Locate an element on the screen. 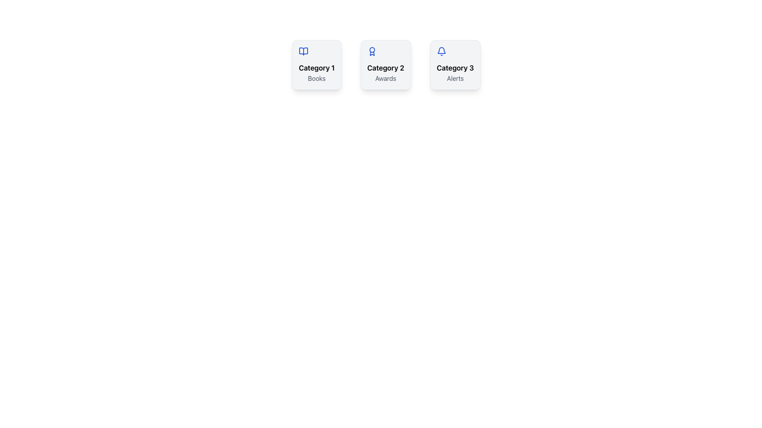 This screenshot has height=428, width=762. the circular shape with a radius of 6 units within the SVG graphic located in the second tile labeled 'Category 2: Awards' is located at coordinates (371, 50).